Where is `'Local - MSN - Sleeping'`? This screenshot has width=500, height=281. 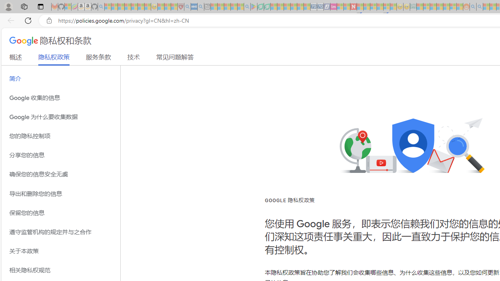 'Local - MSN - Sleeping' is located at coordinates (174, 7).